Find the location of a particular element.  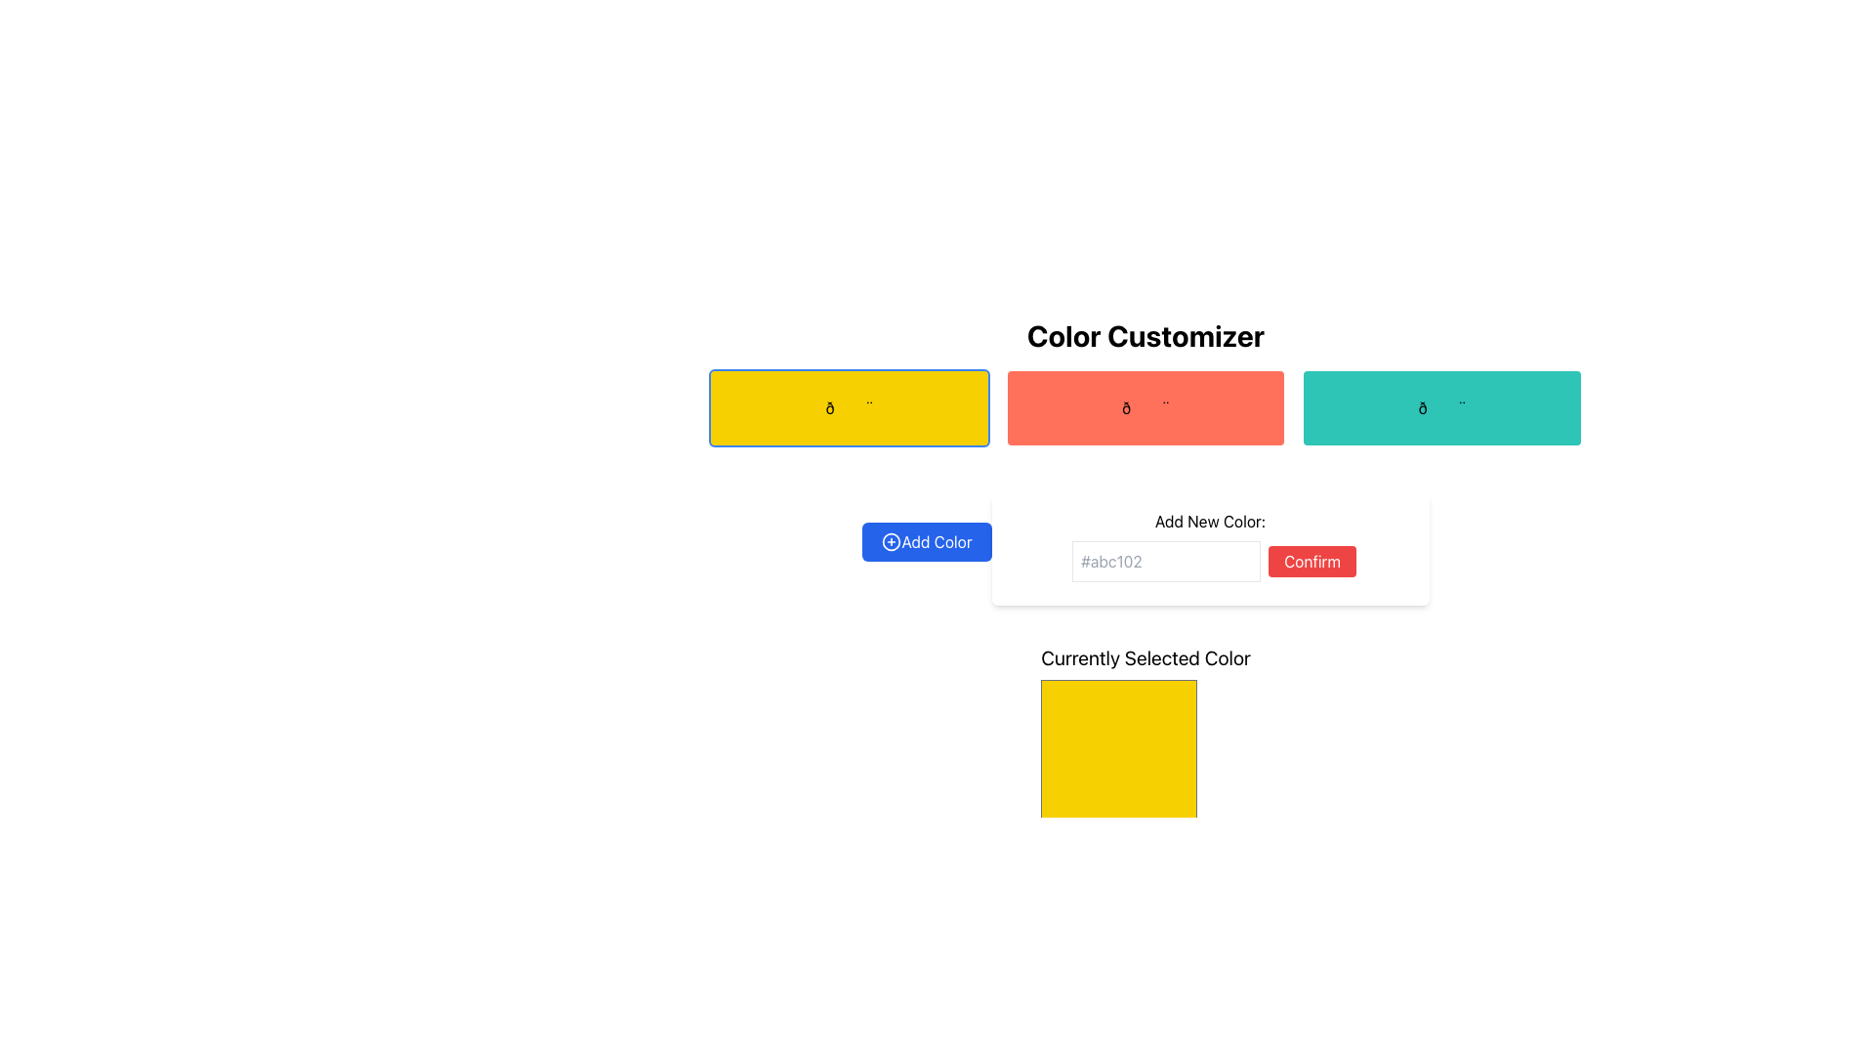

the rounded rectangular button with a vibrant blue background and white text that reads 'Add Color' is located at coordinates (926, 542).